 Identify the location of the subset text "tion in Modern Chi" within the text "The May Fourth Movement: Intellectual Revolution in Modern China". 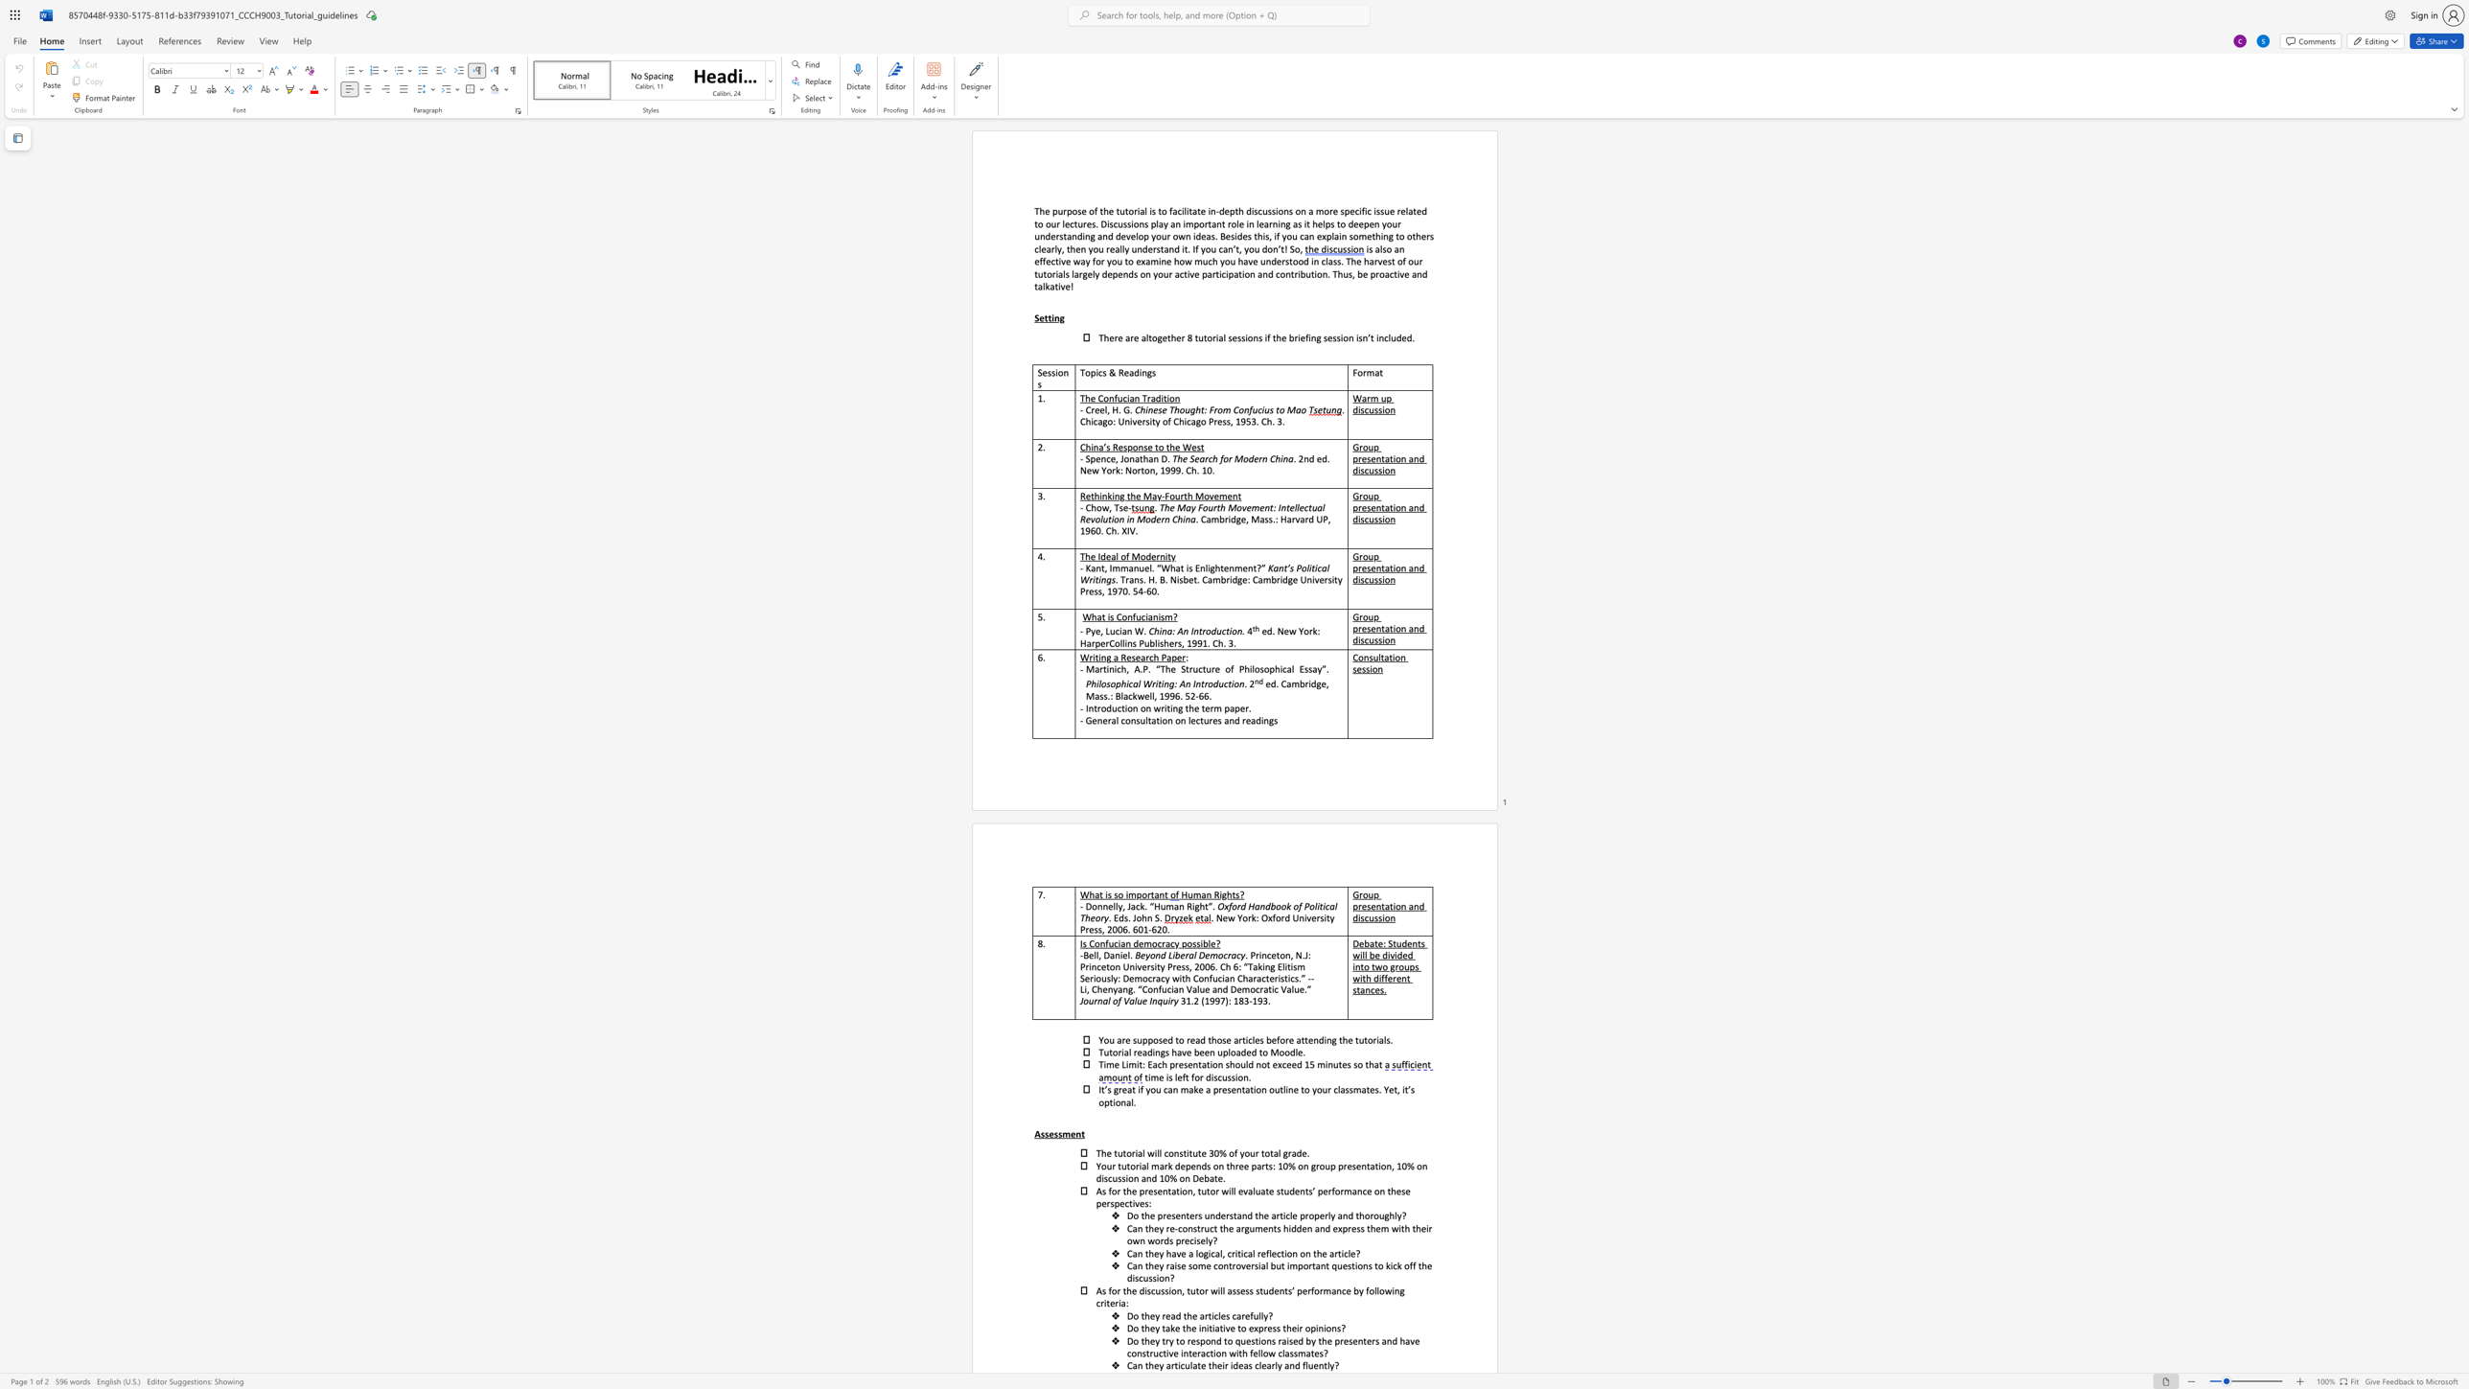
(1107, 519).